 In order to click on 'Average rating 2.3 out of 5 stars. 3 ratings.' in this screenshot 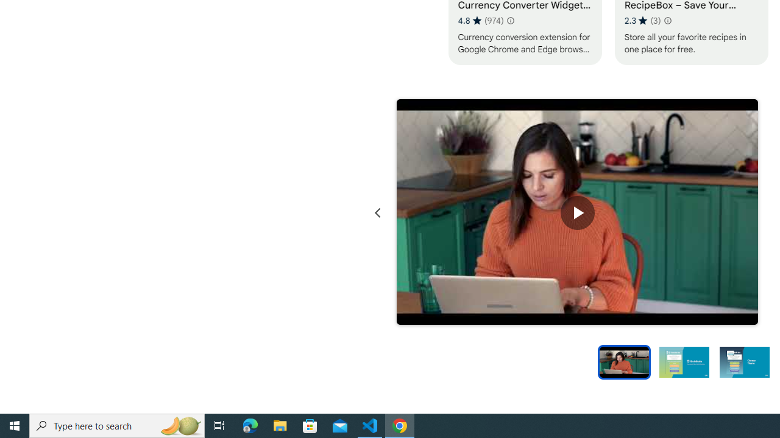, I will do `click(642, 20)`.